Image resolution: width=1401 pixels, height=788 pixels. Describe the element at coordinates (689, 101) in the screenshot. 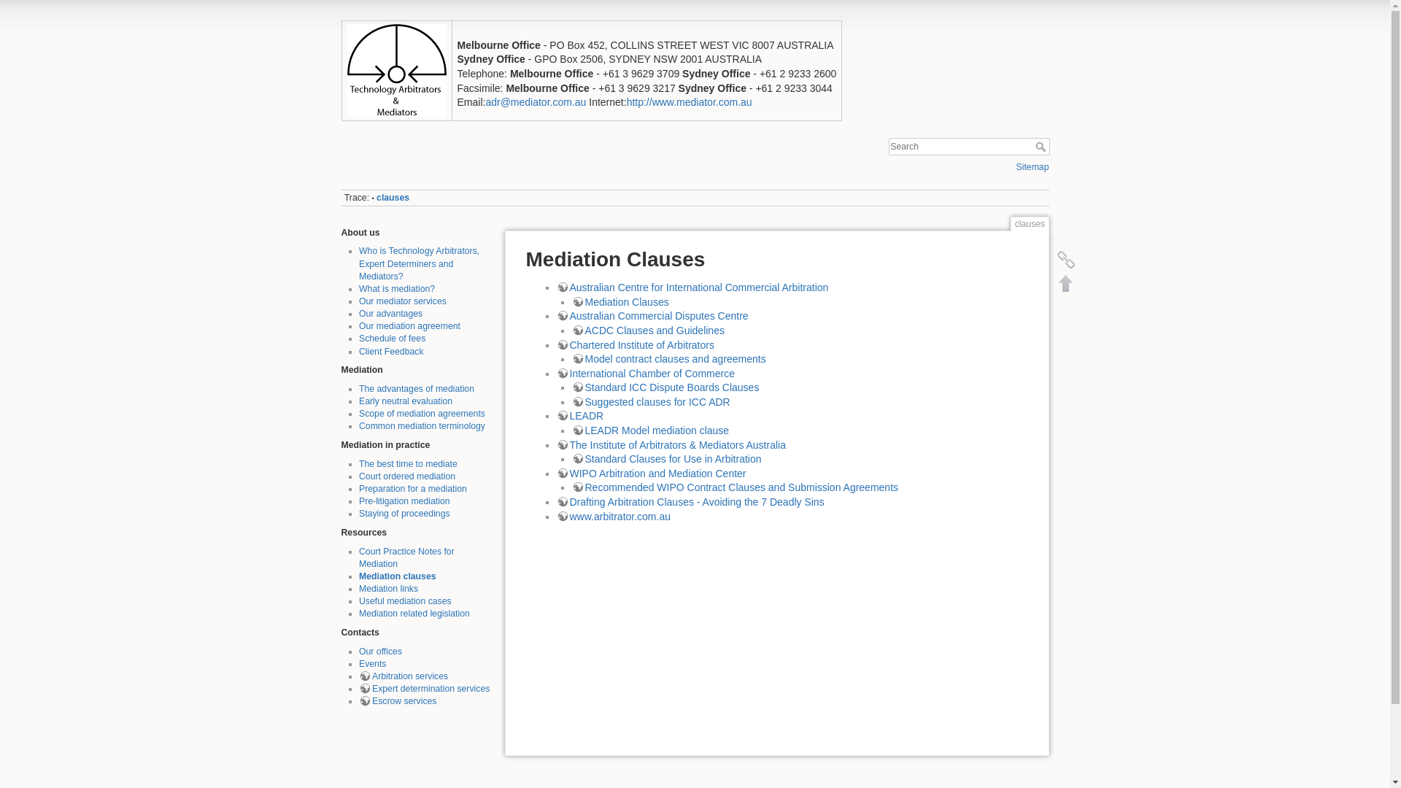

I see `'http://www.mediator.com.au'` at that location.